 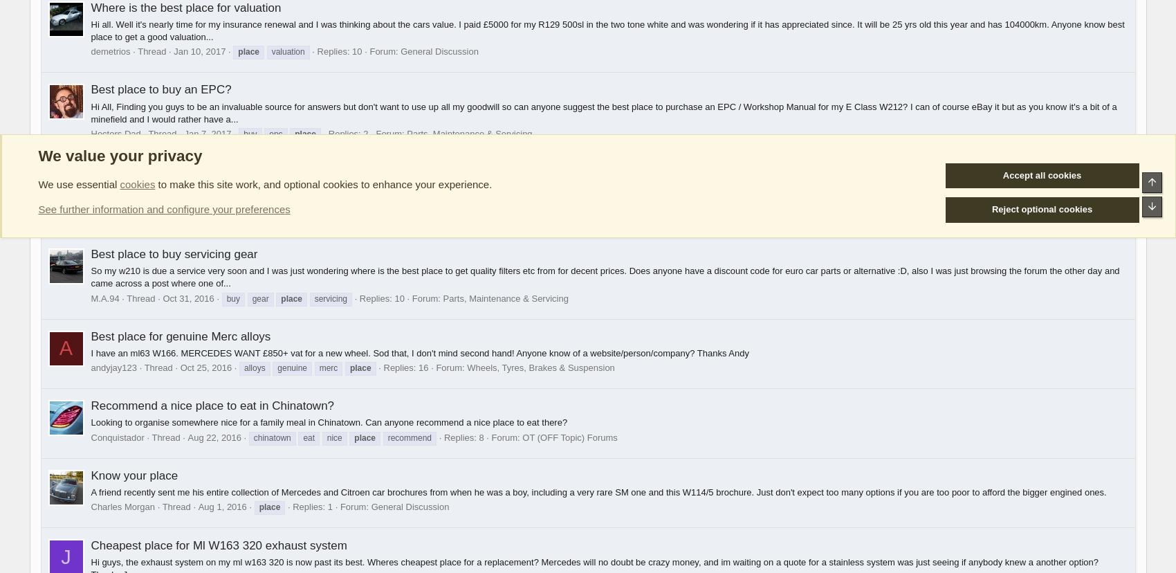 I want to click on 'alloys', so click(x=254, y=367).